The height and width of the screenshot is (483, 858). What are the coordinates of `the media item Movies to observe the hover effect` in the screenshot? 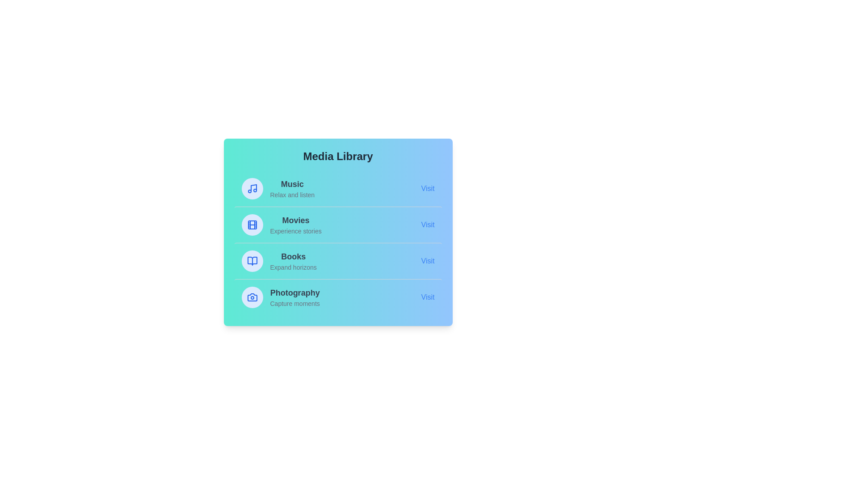 It's located at (337, 224).